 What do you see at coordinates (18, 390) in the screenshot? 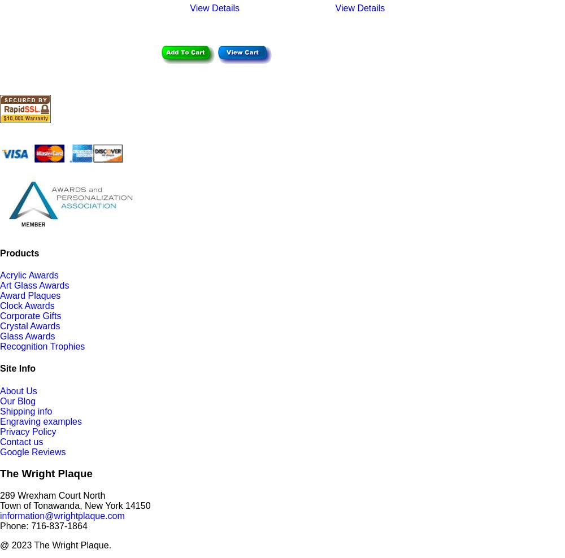
I see `'About Us'` at bounding box center [18, 390].